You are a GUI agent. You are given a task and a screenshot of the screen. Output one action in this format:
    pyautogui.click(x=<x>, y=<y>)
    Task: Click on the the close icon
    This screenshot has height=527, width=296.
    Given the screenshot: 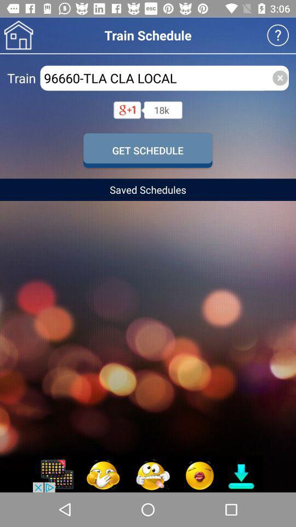 What is the action you would take?
    pyautogui.click(x=280, y=77)
    